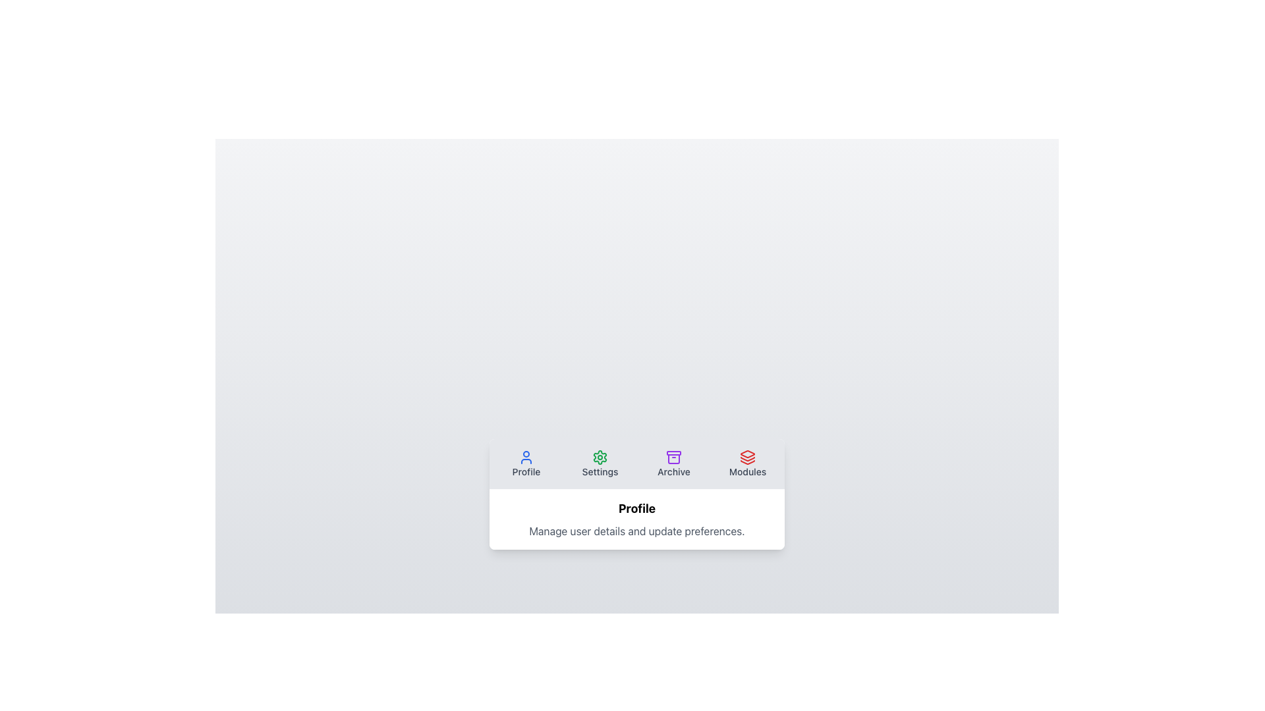 This screenshot has width=1265, height=711. Describe the element at coordinates (747, 463) in the screenshot. I see `the 'Modules' tab button, which is a rounded button with an icon resembling stacked layers, located in the top-right corner of the tab bar` at that location.